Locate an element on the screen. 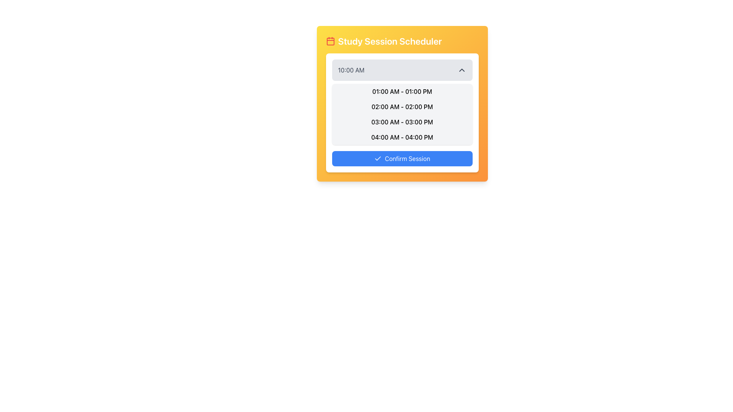 This screenshot has height=412, width=733. the small red rectangular shape with rounded corners that serves as the background for the calendar icon in the 'Study Session Scheduler' panel is located at coordinates (330, 41).